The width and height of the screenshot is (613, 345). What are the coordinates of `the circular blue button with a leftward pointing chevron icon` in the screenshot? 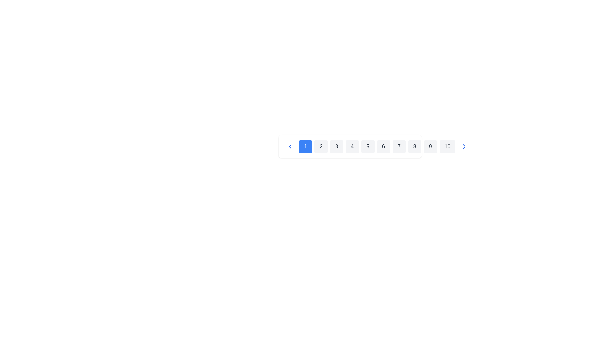 It's located at (290, 147).